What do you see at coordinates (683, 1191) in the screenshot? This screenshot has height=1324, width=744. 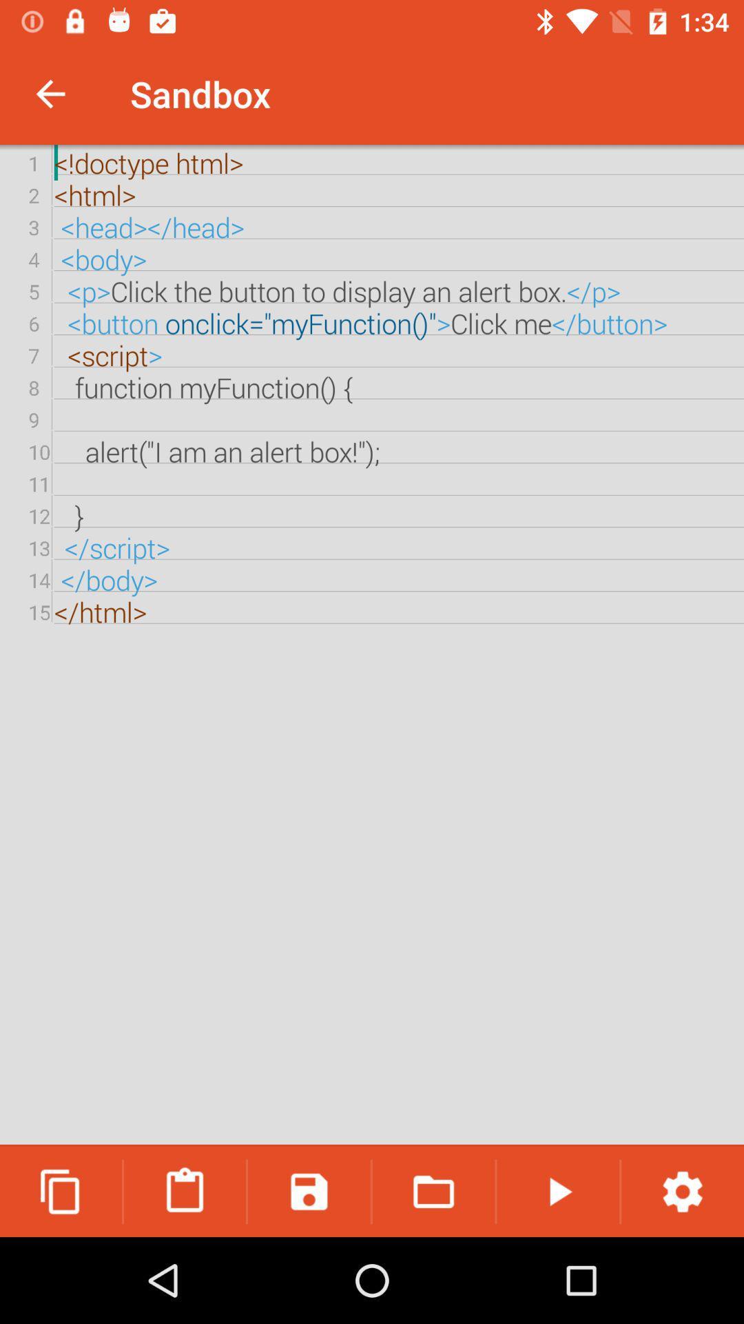 I see `icon below the doctype html html item` at bounding box center [683, 1191].